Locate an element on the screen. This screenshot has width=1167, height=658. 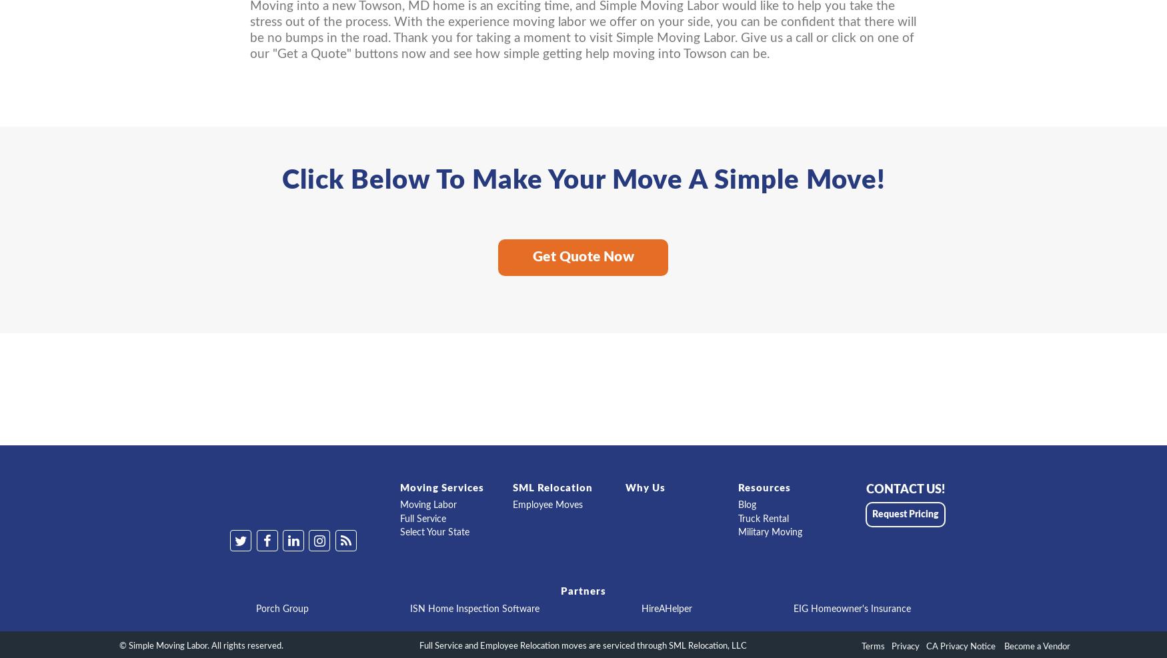
'Request Pricing' is located at coordinates (871, 514).